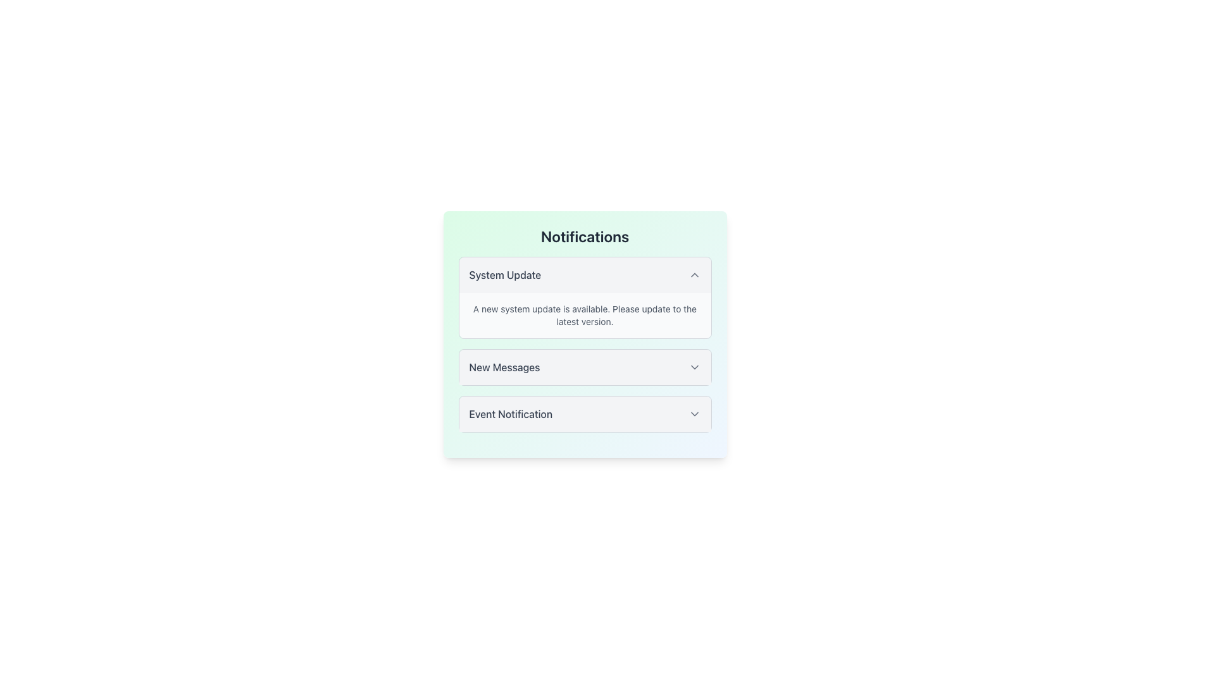  What do you see at coordinates (584, 367) in the screenshot?
I see `the 'New Messages' dropdown toggle, which is the second item in the Notifications list` at bounding box center [584, 367].